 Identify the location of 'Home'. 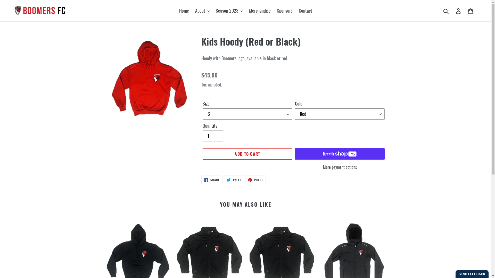
(184, 11).